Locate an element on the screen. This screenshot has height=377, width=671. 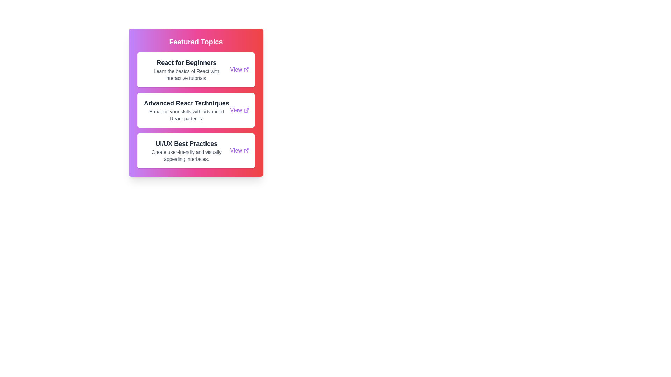
the external link indicator icon located to the immediate right of the 'View' text on the 'UI/UX Best Practices' card in the 'Featured Topics' section is located at coordinates (246, 150).